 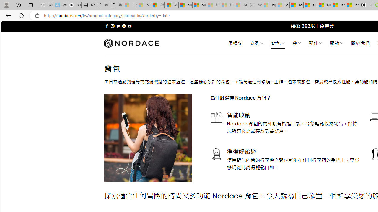 I want to click on 'Microsoft Start', so click(x=324, y=5).